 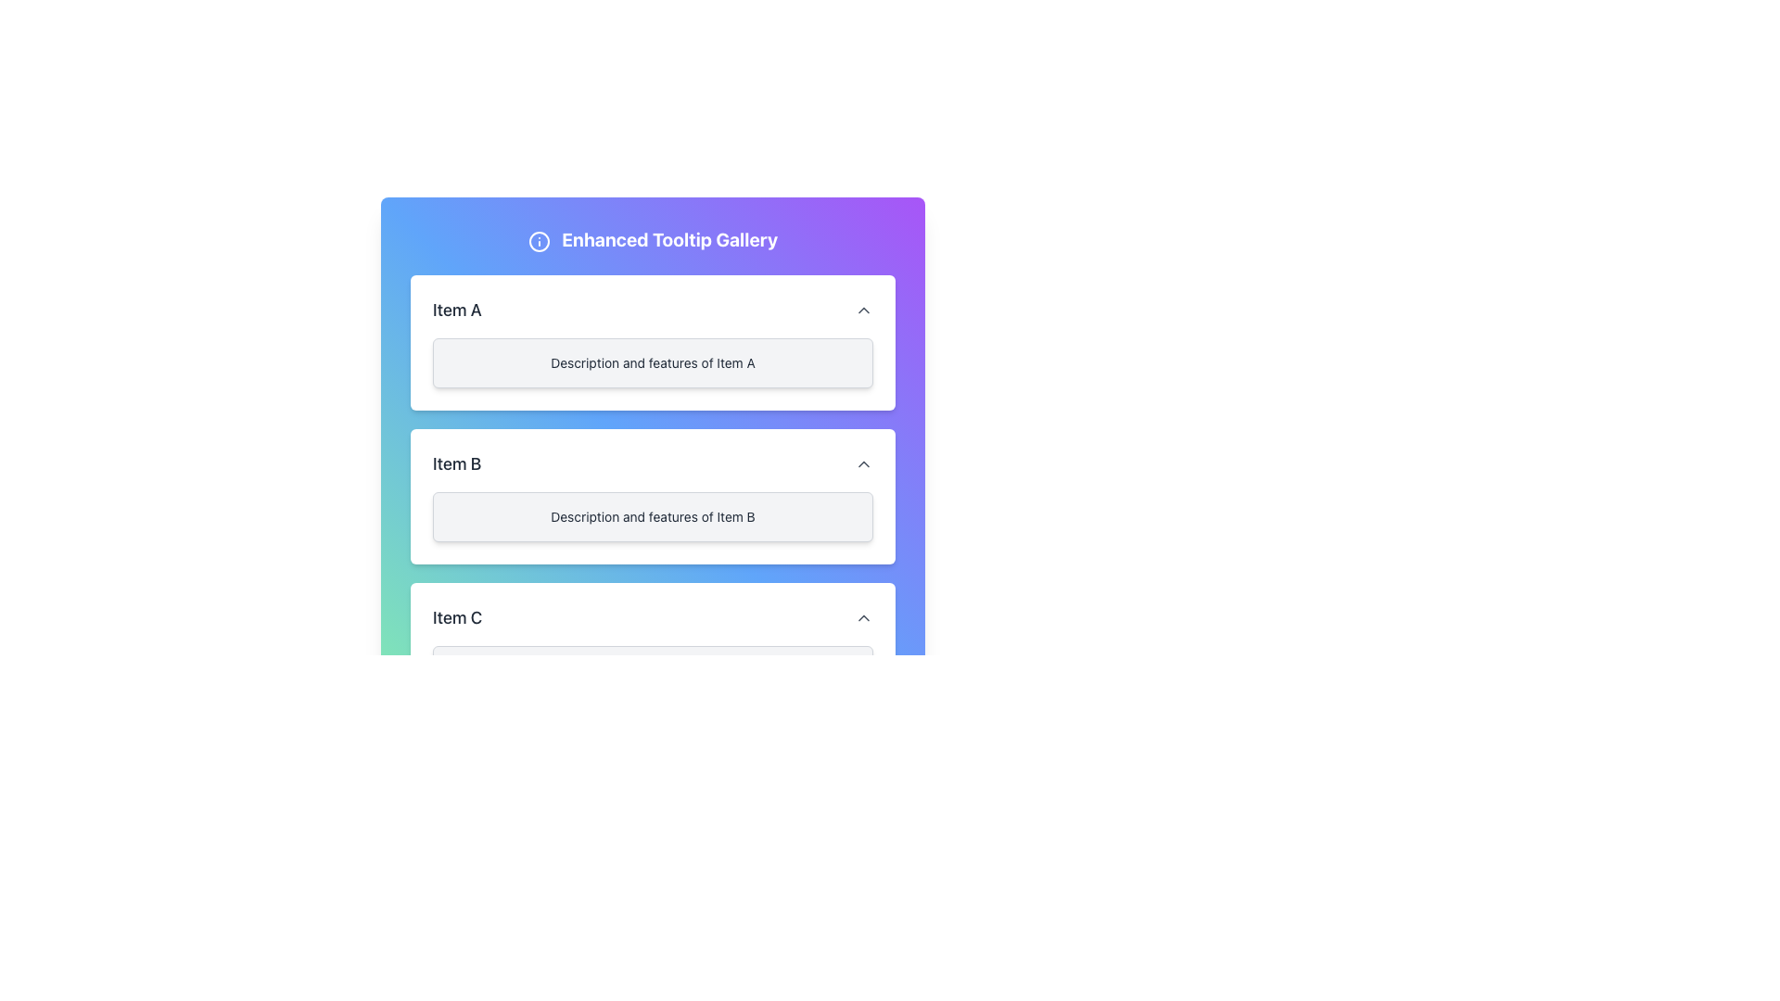 I want to click on the prominent text element with the wording 'Enhanced Tooltip Gallery', which is styled as a bold, large header on a color-gradient background, so click(x=653, y=238).